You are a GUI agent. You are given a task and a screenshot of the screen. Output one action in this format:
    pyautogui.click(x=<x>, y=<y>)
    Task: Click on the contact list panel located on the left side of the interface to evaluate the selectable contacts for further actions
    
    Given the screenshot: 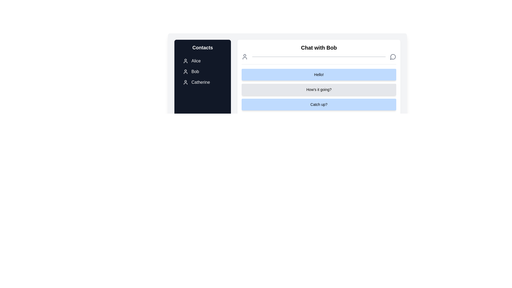 What is the action you would take?
    pyautogui.click(x=202, y=89)
    